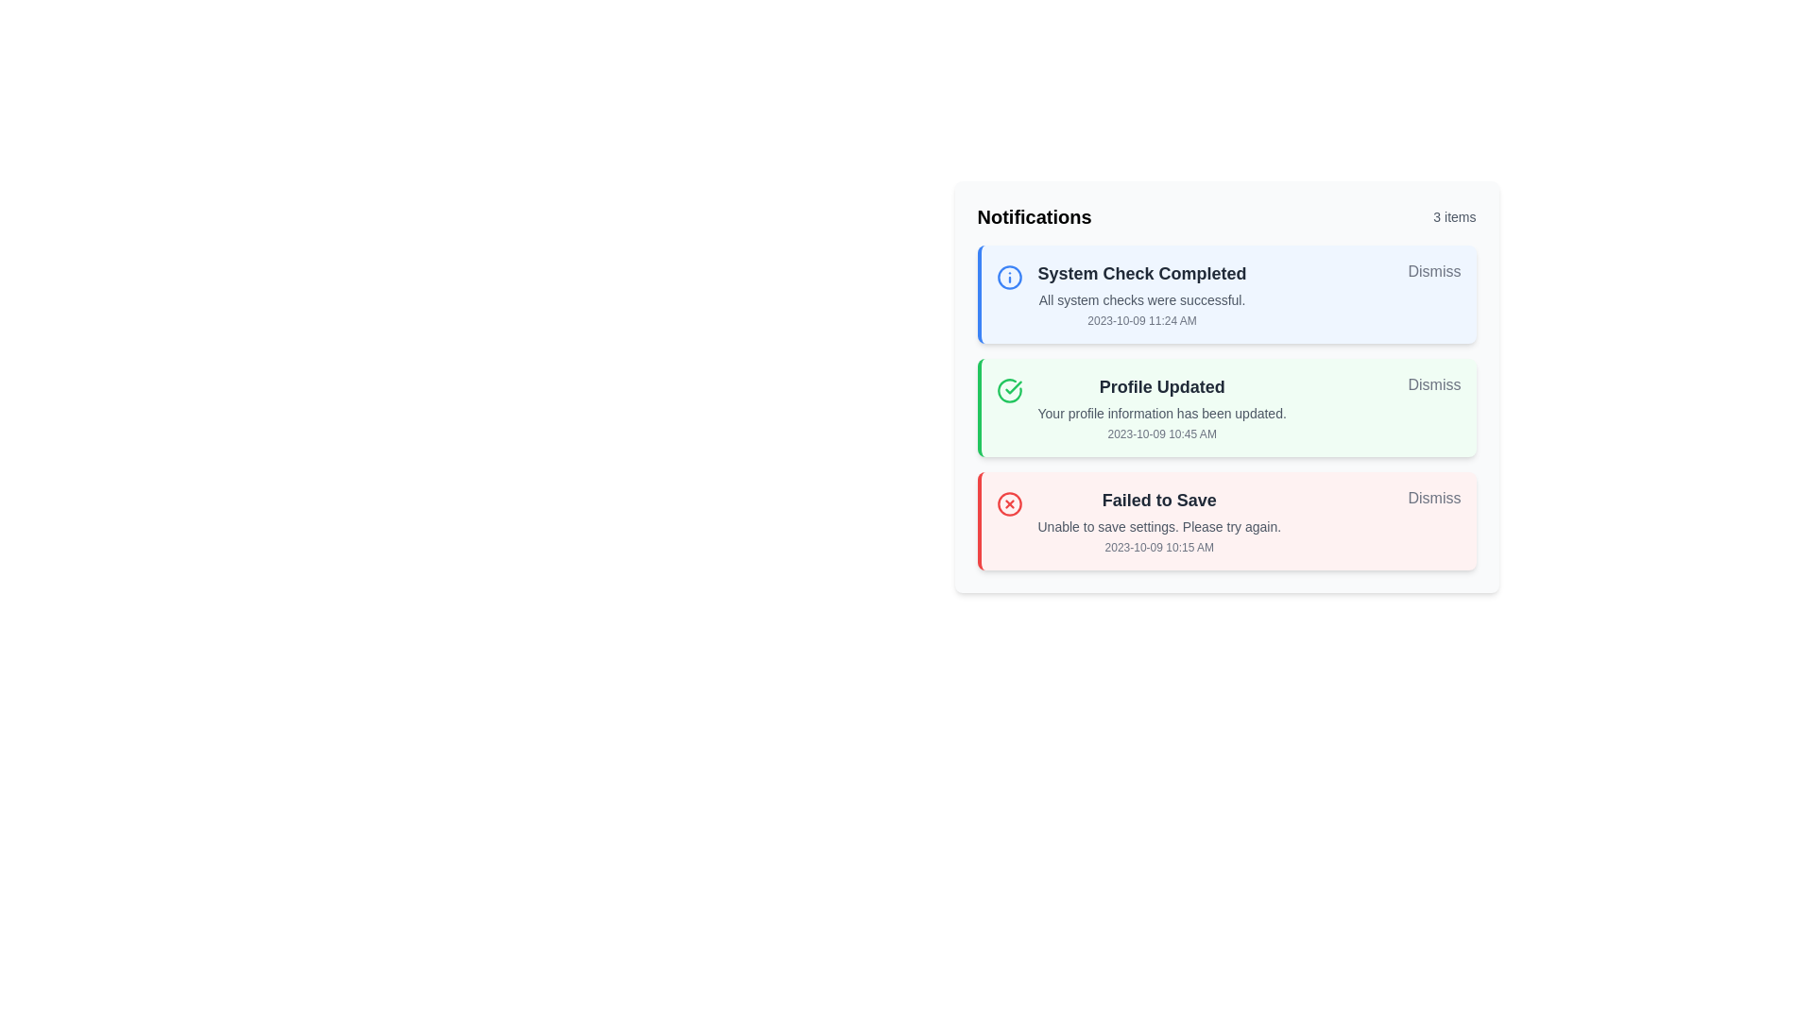  Describe the element at coordinates (1161, 421) in the screenshot. I see `the status information text label indicating profile update success, which is located as the second block in the 'Profile Updated' notification section above the timestamp '2023-10-09 10:45 AM'` at that location.